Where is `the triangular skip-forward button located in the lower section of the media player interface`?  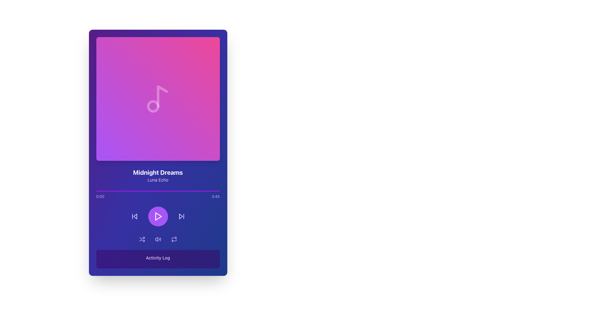 the triangular skip-forward button located in the lower section of the media player interface is located at coordinates (180, 216).